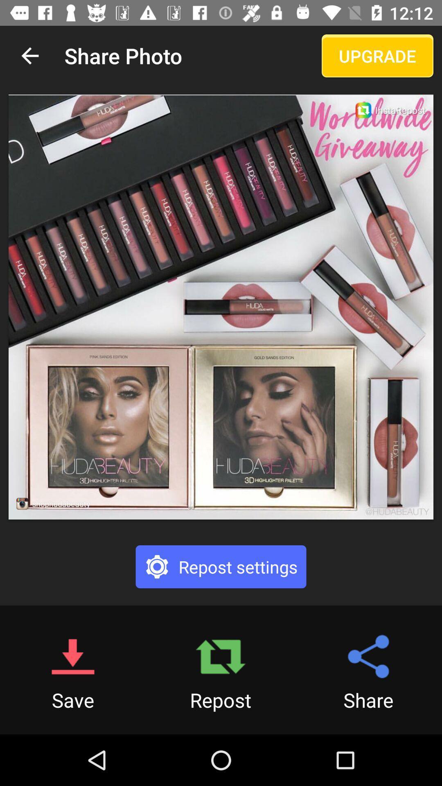  I want to click on the upgrade, so click(377, 55).